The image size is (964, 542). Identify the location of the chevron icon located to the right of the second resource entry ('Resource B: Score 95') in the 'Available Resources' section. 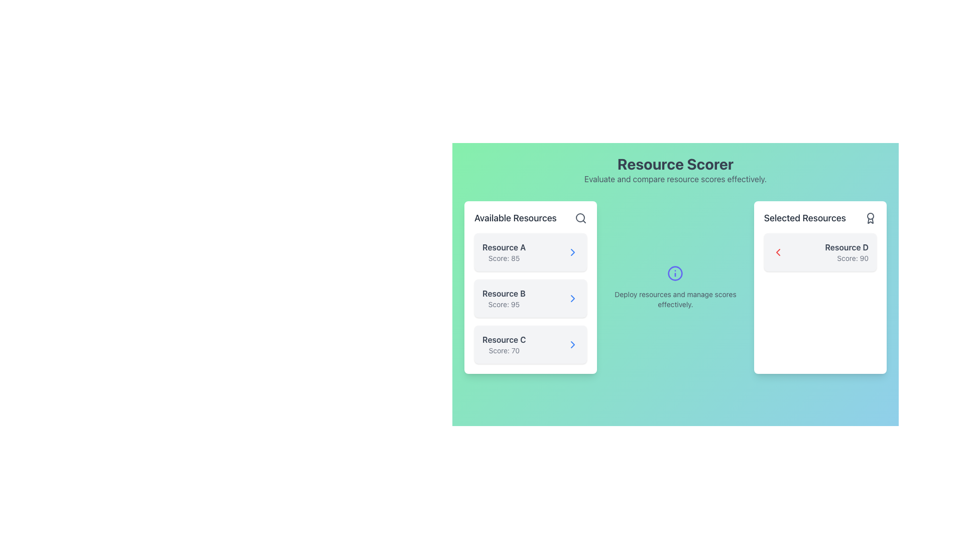
(573, 298).